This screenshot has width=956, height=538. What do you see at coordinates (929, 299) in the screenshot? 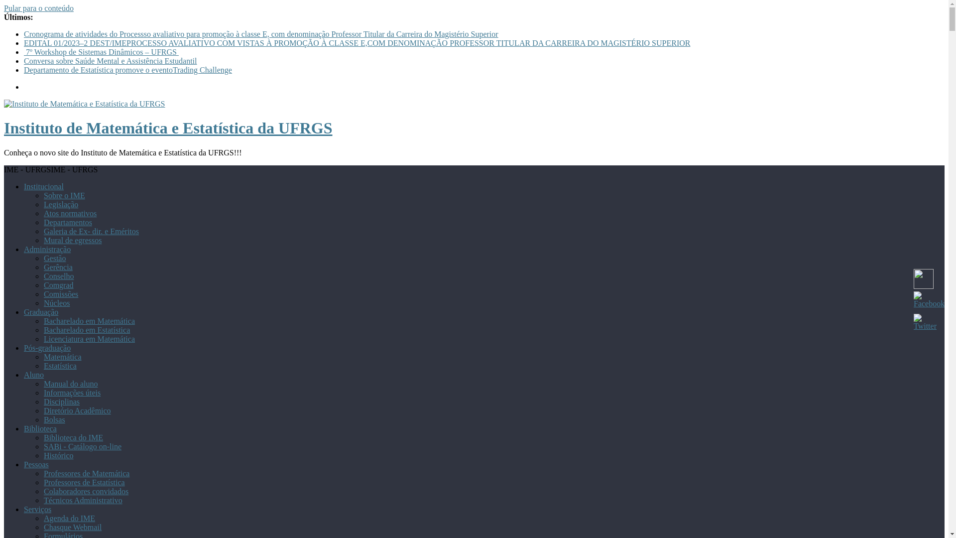
I see `'Facebook'` at bounding box center [929, 299].